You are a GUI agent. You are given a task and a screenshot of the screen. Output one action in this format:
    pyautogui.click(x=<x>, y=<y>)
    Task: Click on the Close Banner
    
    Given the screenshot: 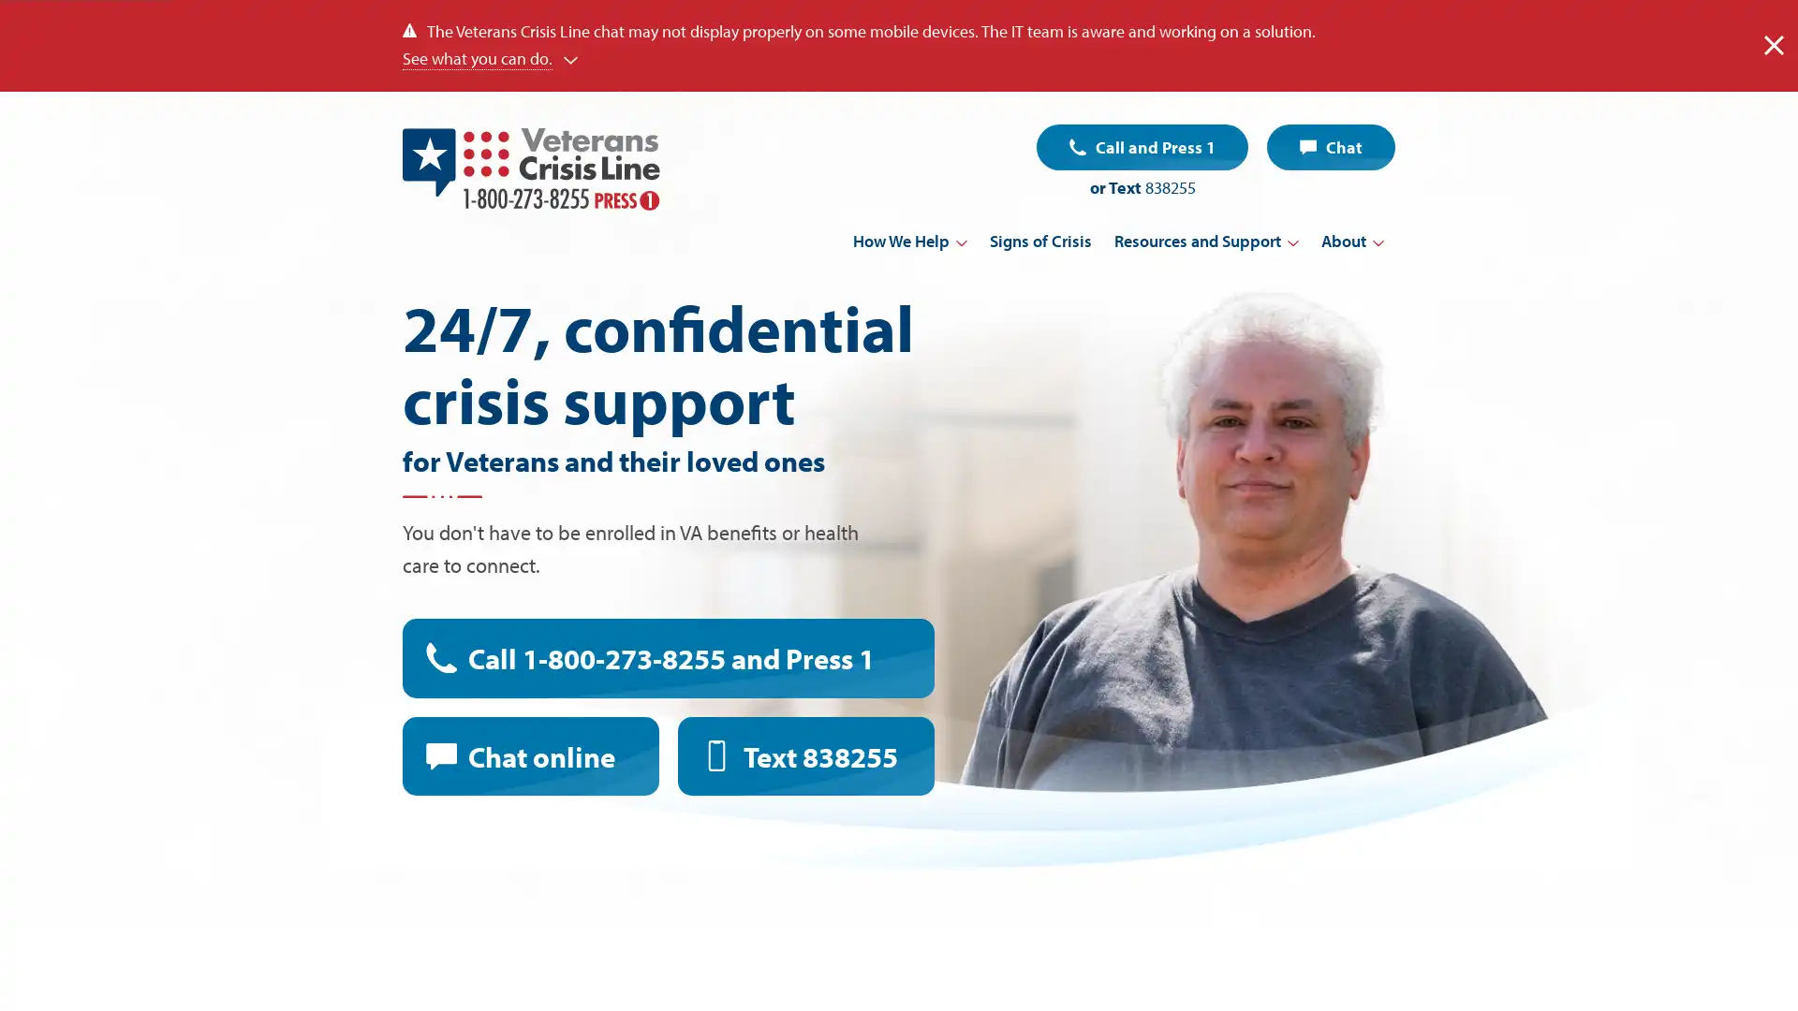 What is the action you would take?
    pyautogui.click(x=1773, y=44)
    